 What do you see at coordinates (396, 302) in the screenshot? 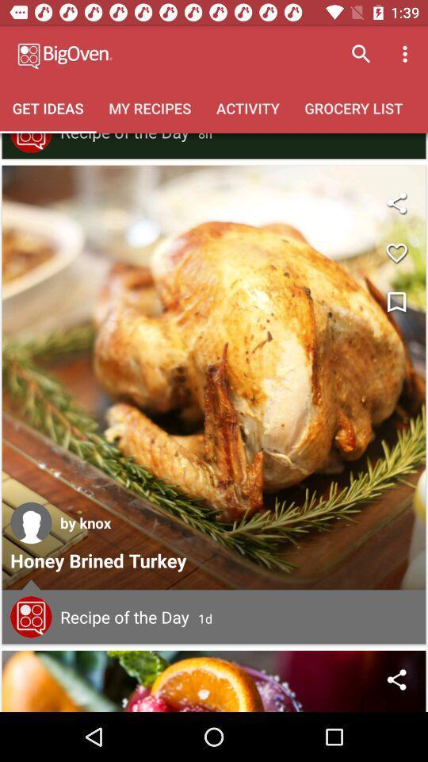
I see `the article` at bounding box center [396, 302].